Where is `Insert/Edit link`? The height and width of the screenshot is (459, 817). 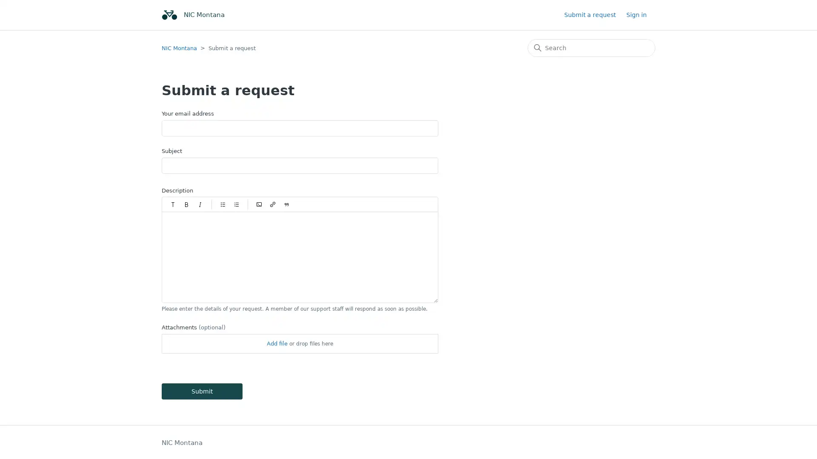 Insert/Edit link is located at coordinates (273, 204).